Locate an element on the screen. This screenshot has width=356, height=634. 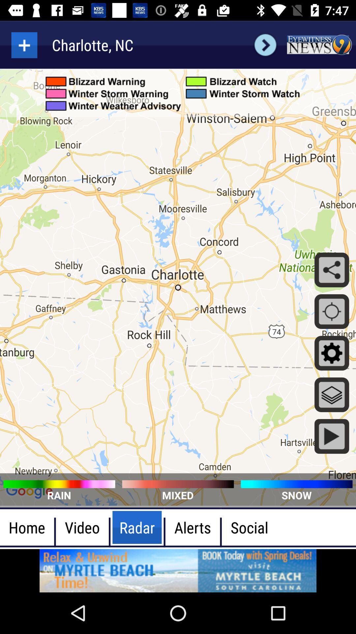
location is located at coordinates (24, 45).